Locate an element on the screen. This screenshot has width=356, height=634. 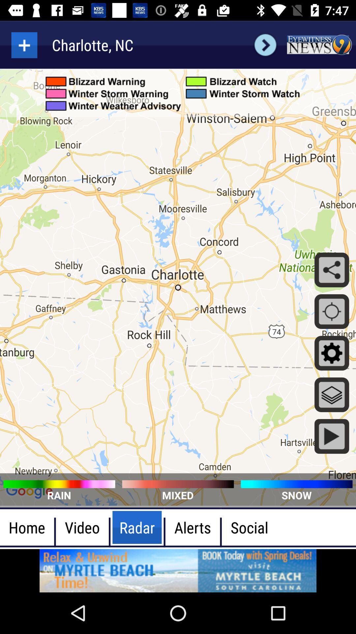
location is located at coordinates (24, 45).